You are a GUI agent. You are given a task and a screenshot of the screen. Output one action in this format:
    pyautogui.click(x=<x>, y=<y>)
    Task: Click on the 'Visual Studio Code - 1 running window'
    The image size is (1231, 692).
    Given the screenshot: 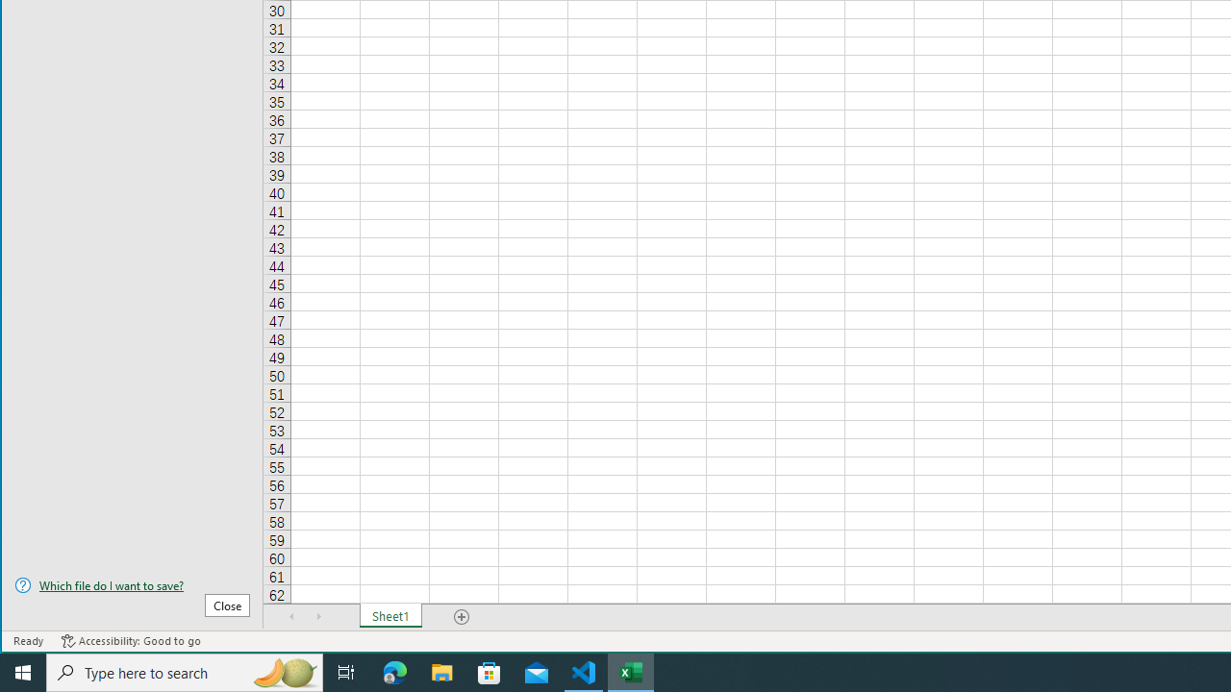 What is the action you would take?
    pyautogui.click(x=583, y=671)
    